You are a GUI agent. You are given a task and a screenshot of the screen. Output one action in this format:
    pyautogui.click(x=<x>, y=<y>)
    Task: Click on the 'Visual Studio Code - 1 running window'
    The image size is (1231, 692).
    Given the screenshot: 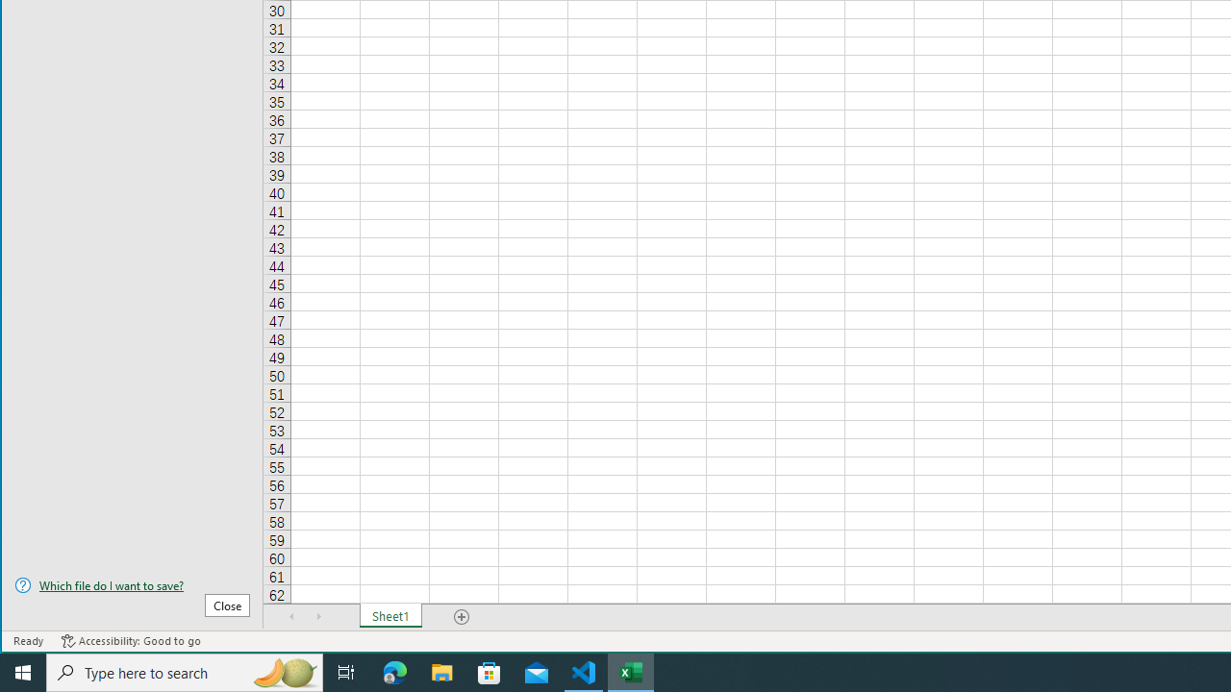 What is the action you would take?
    pyautogui.click(x=583, y=671)
    